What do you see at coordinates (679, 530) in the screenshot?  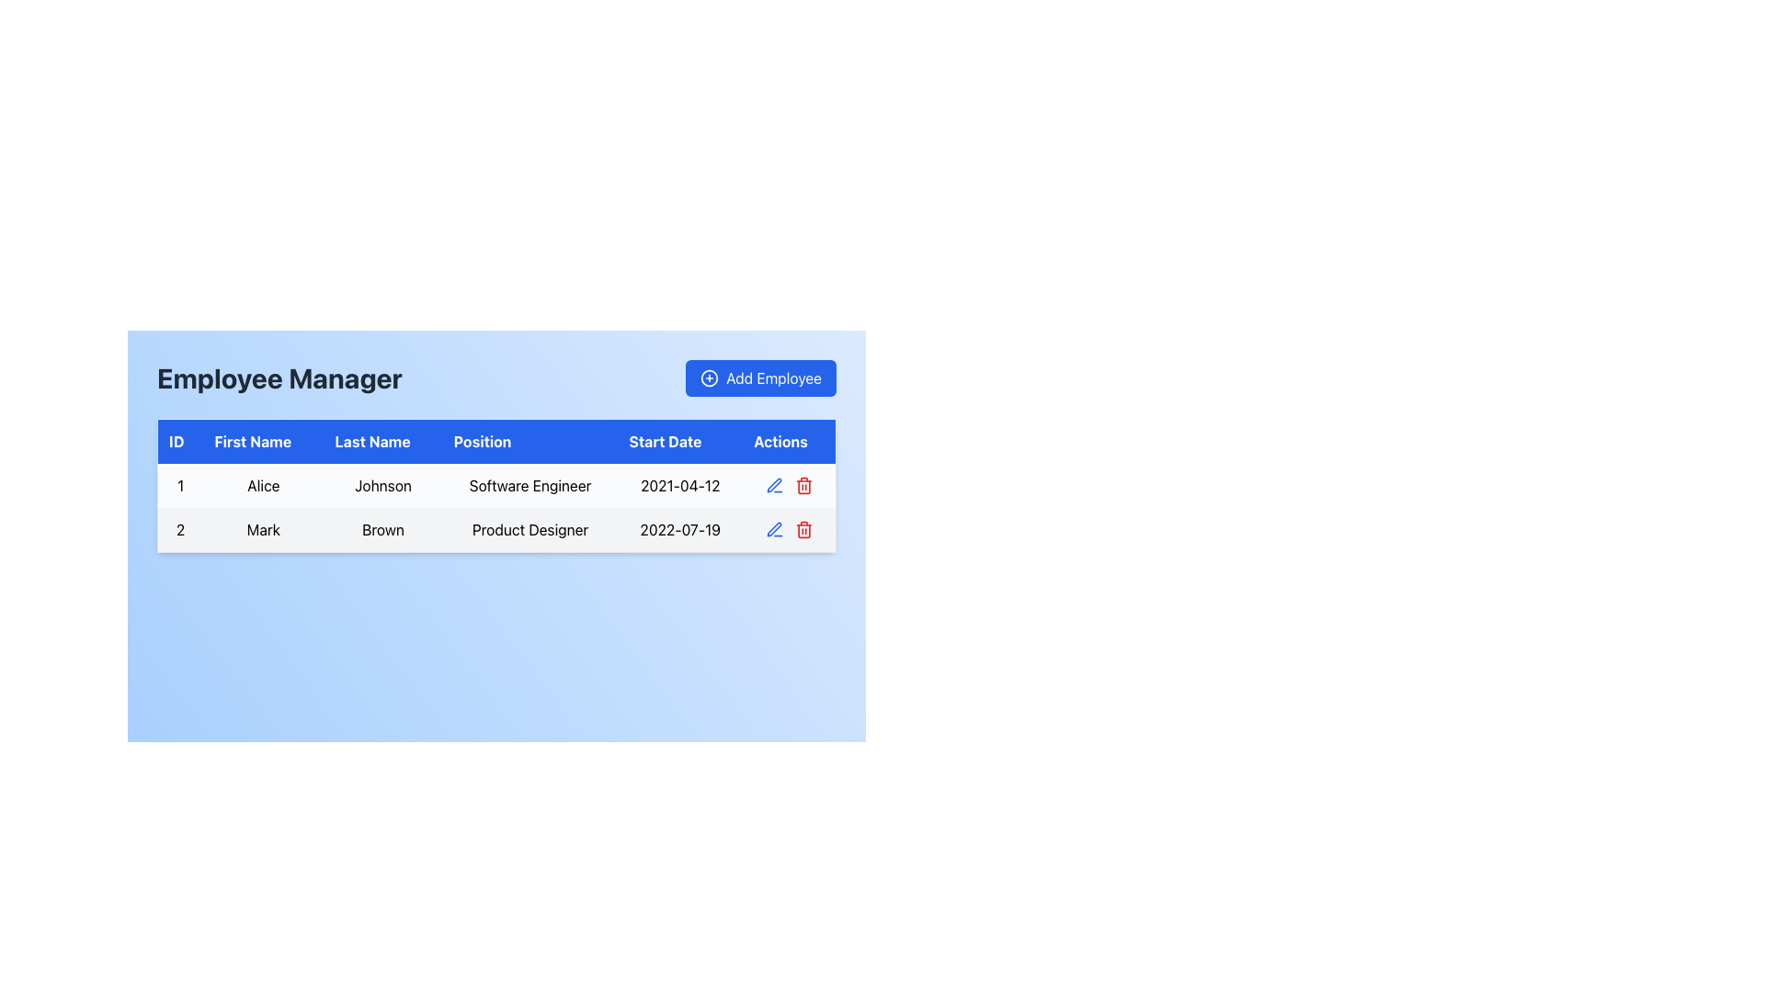 I see `the text label indicating the start date for the employee 'Mark Brown' in the 'Employee Manager' table` at bounding box center [679, 530].